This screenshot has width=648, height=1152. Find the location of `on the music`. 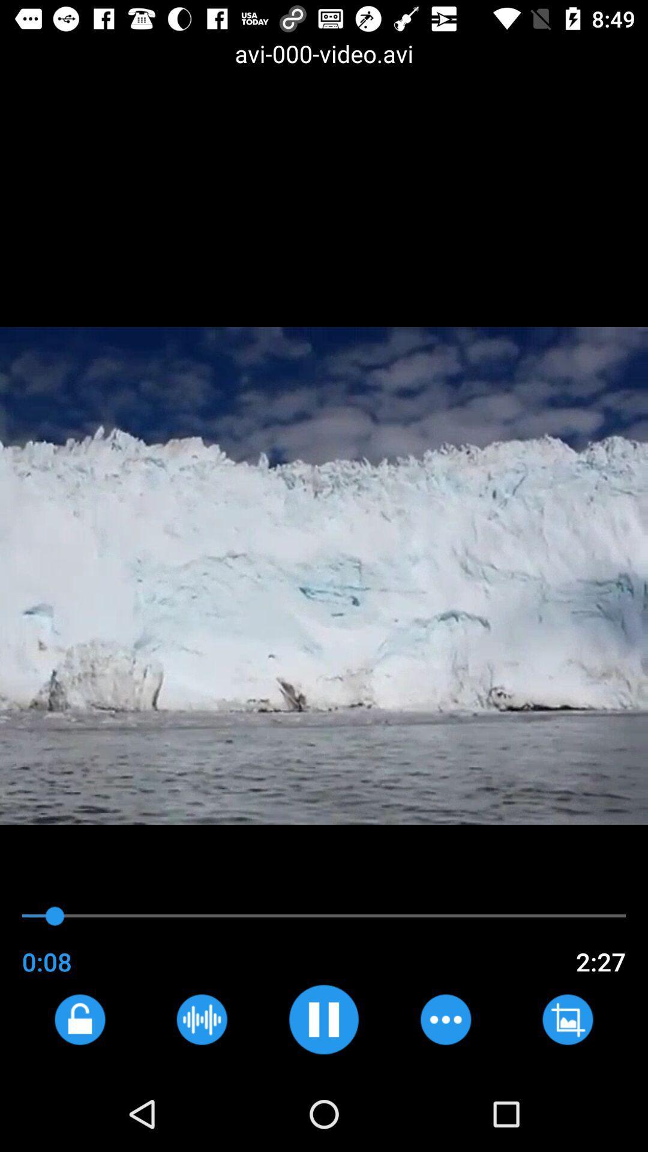

on the music is located at coordinates (323, 1019).